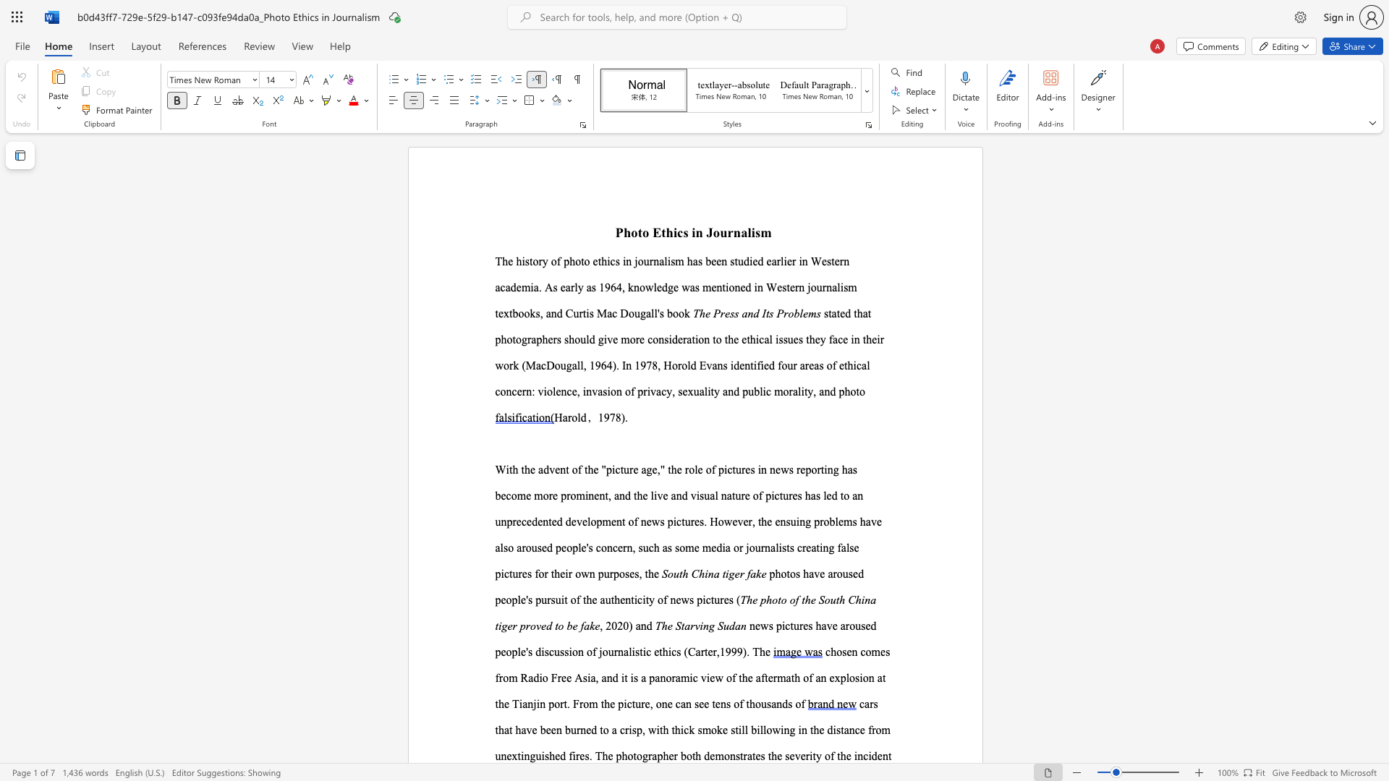 Image resolution: width=1389 pixels, height=781 pixels. What do you see at coordinates (778, 339) in the screenshot?
I see `the subset text "ssues they face in thei" within the text "that photographers should give more consideration to the ethical issues they face in their work"` at bounding box center [778, 339].